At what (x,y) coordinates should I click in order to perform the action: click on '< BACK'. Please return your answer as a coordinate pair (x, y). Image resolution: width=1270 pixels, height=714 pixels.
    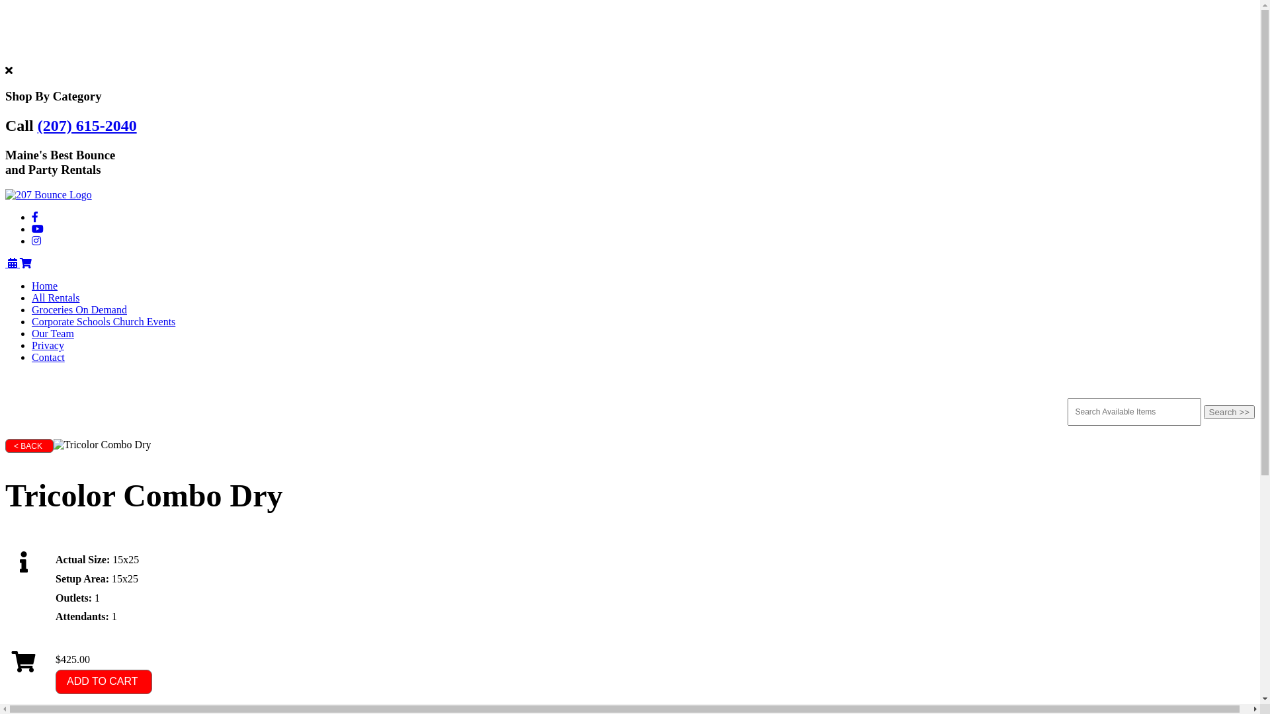
    Looking at the image, I should click on (5, 446).